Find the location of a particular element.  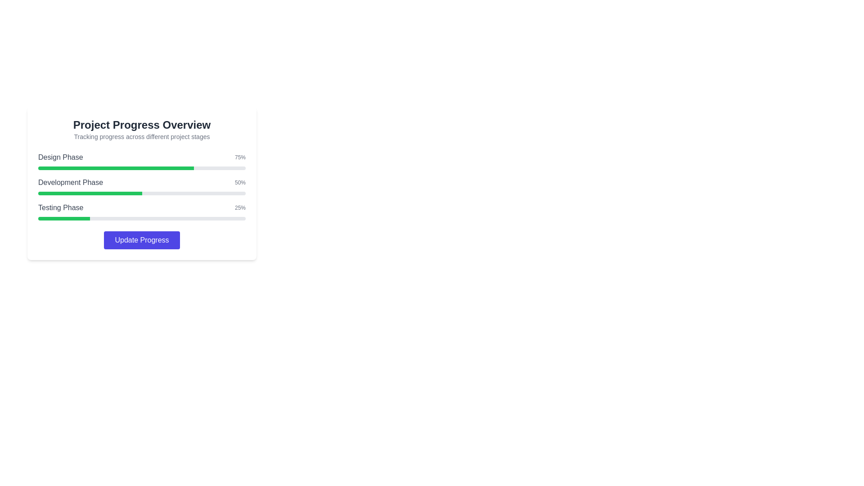

the progress percentage text located to the far right of the 'Testing Phase' label in the progress tracking interface is located at coordinates (240, 208).